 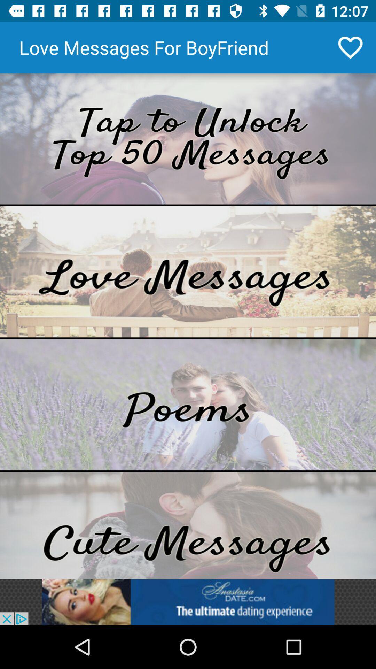 What do you see at coordinates (188, 525) in the screenshot?
I see `messages` at bounding box center [188, 525].